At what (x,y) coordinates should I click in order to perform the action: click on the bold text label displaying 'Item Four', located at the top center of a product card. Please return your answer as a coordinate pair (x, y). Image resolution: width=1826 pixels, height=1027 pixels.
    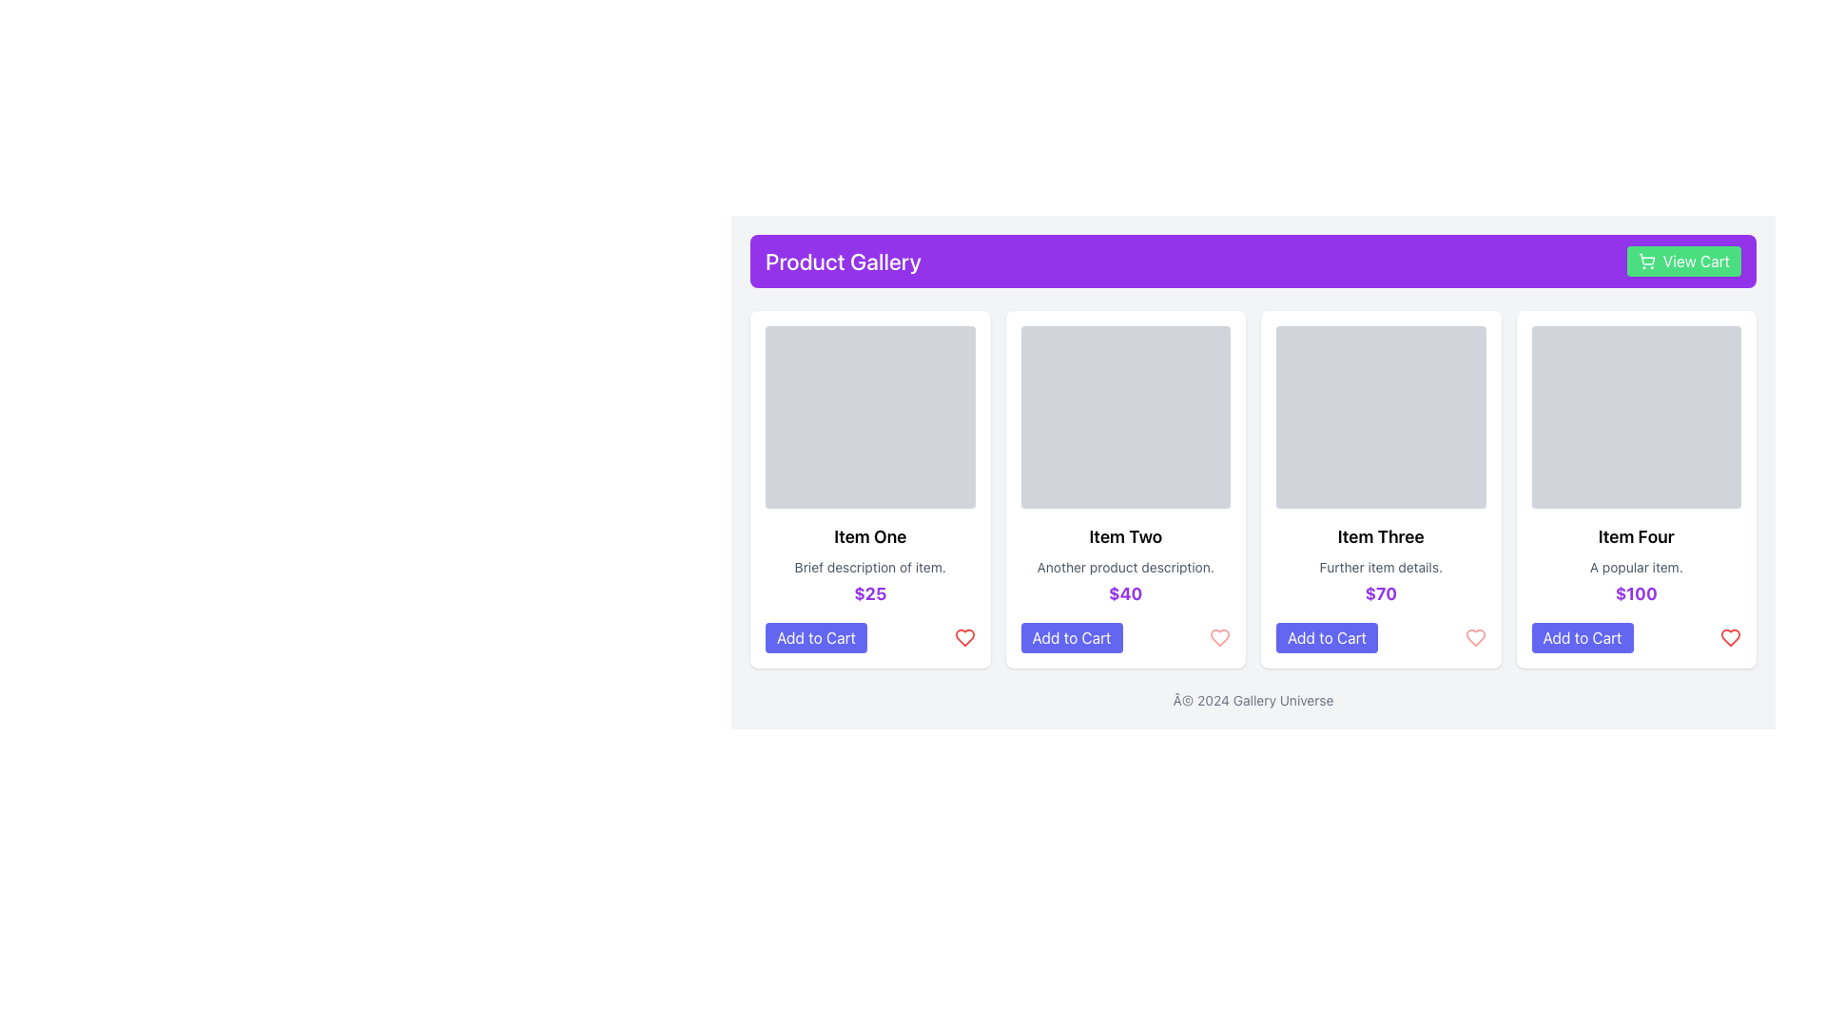
    Looking at the image, I should click on (1635, 536).